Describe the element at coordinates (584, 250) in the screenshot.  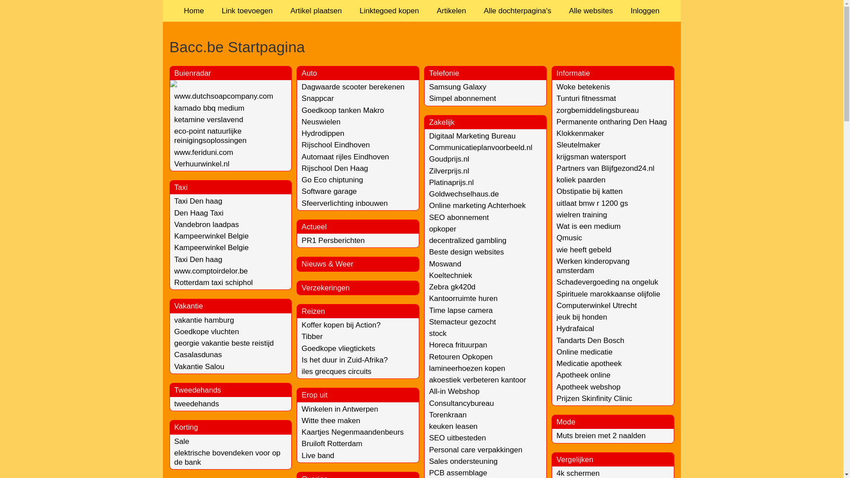
I see `'wie heeft gebeld'` at that location.